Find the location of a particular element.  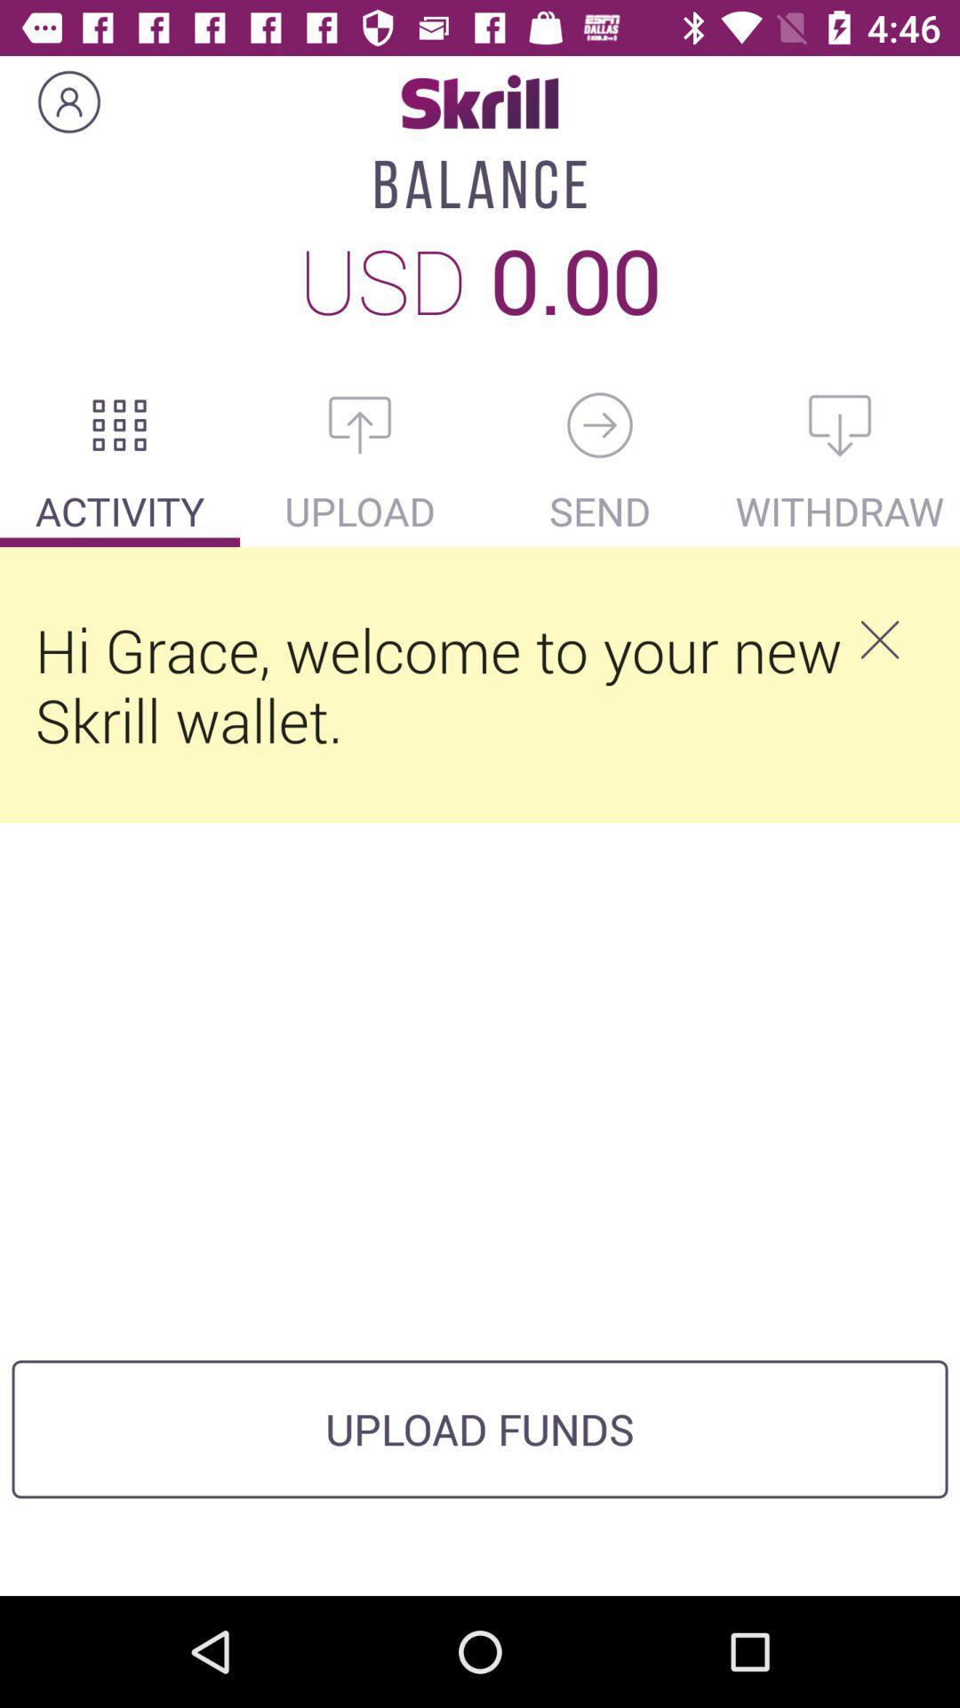

icon above upload item is located at coordinates (360, 424).